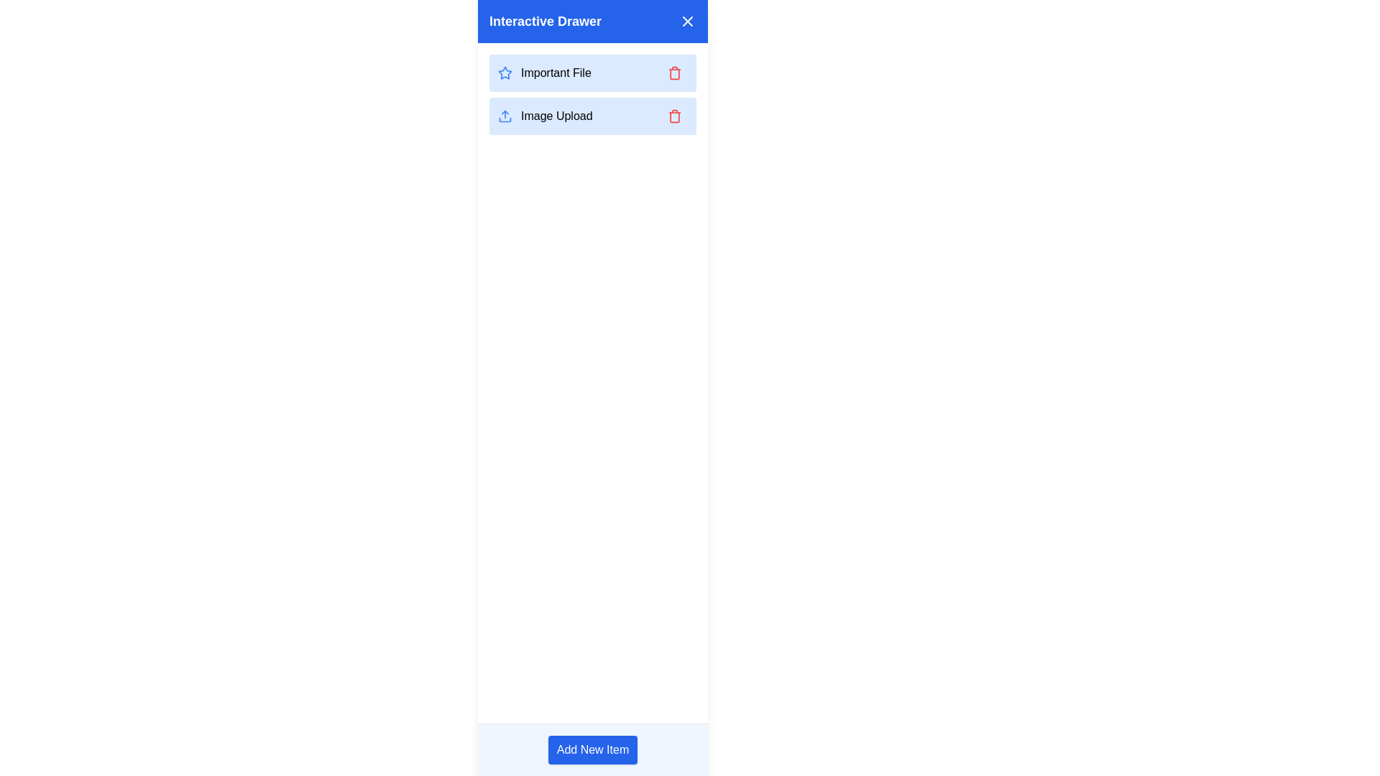  What do you see at coordinates (686, 22) in the screenshot?
I see `the close button with an 'X' icon located at the top-right corner of the interface` at bounding box center [686, 22].